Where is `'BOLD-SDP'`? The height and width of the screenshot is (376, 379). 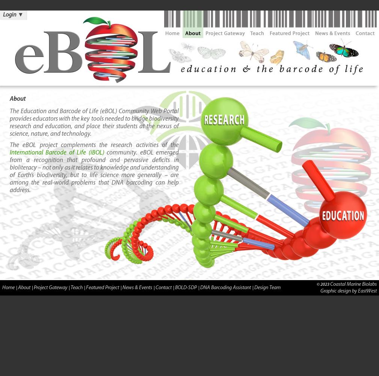
'BOLD-SDP' is located at coordinates (174, 287).